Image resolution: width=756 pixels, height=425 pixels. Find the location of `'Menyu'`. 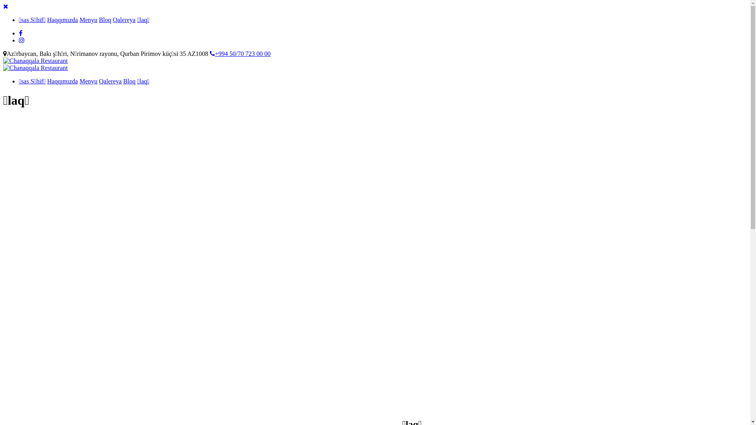

'Menyu' is located at coordinates (88, 81).